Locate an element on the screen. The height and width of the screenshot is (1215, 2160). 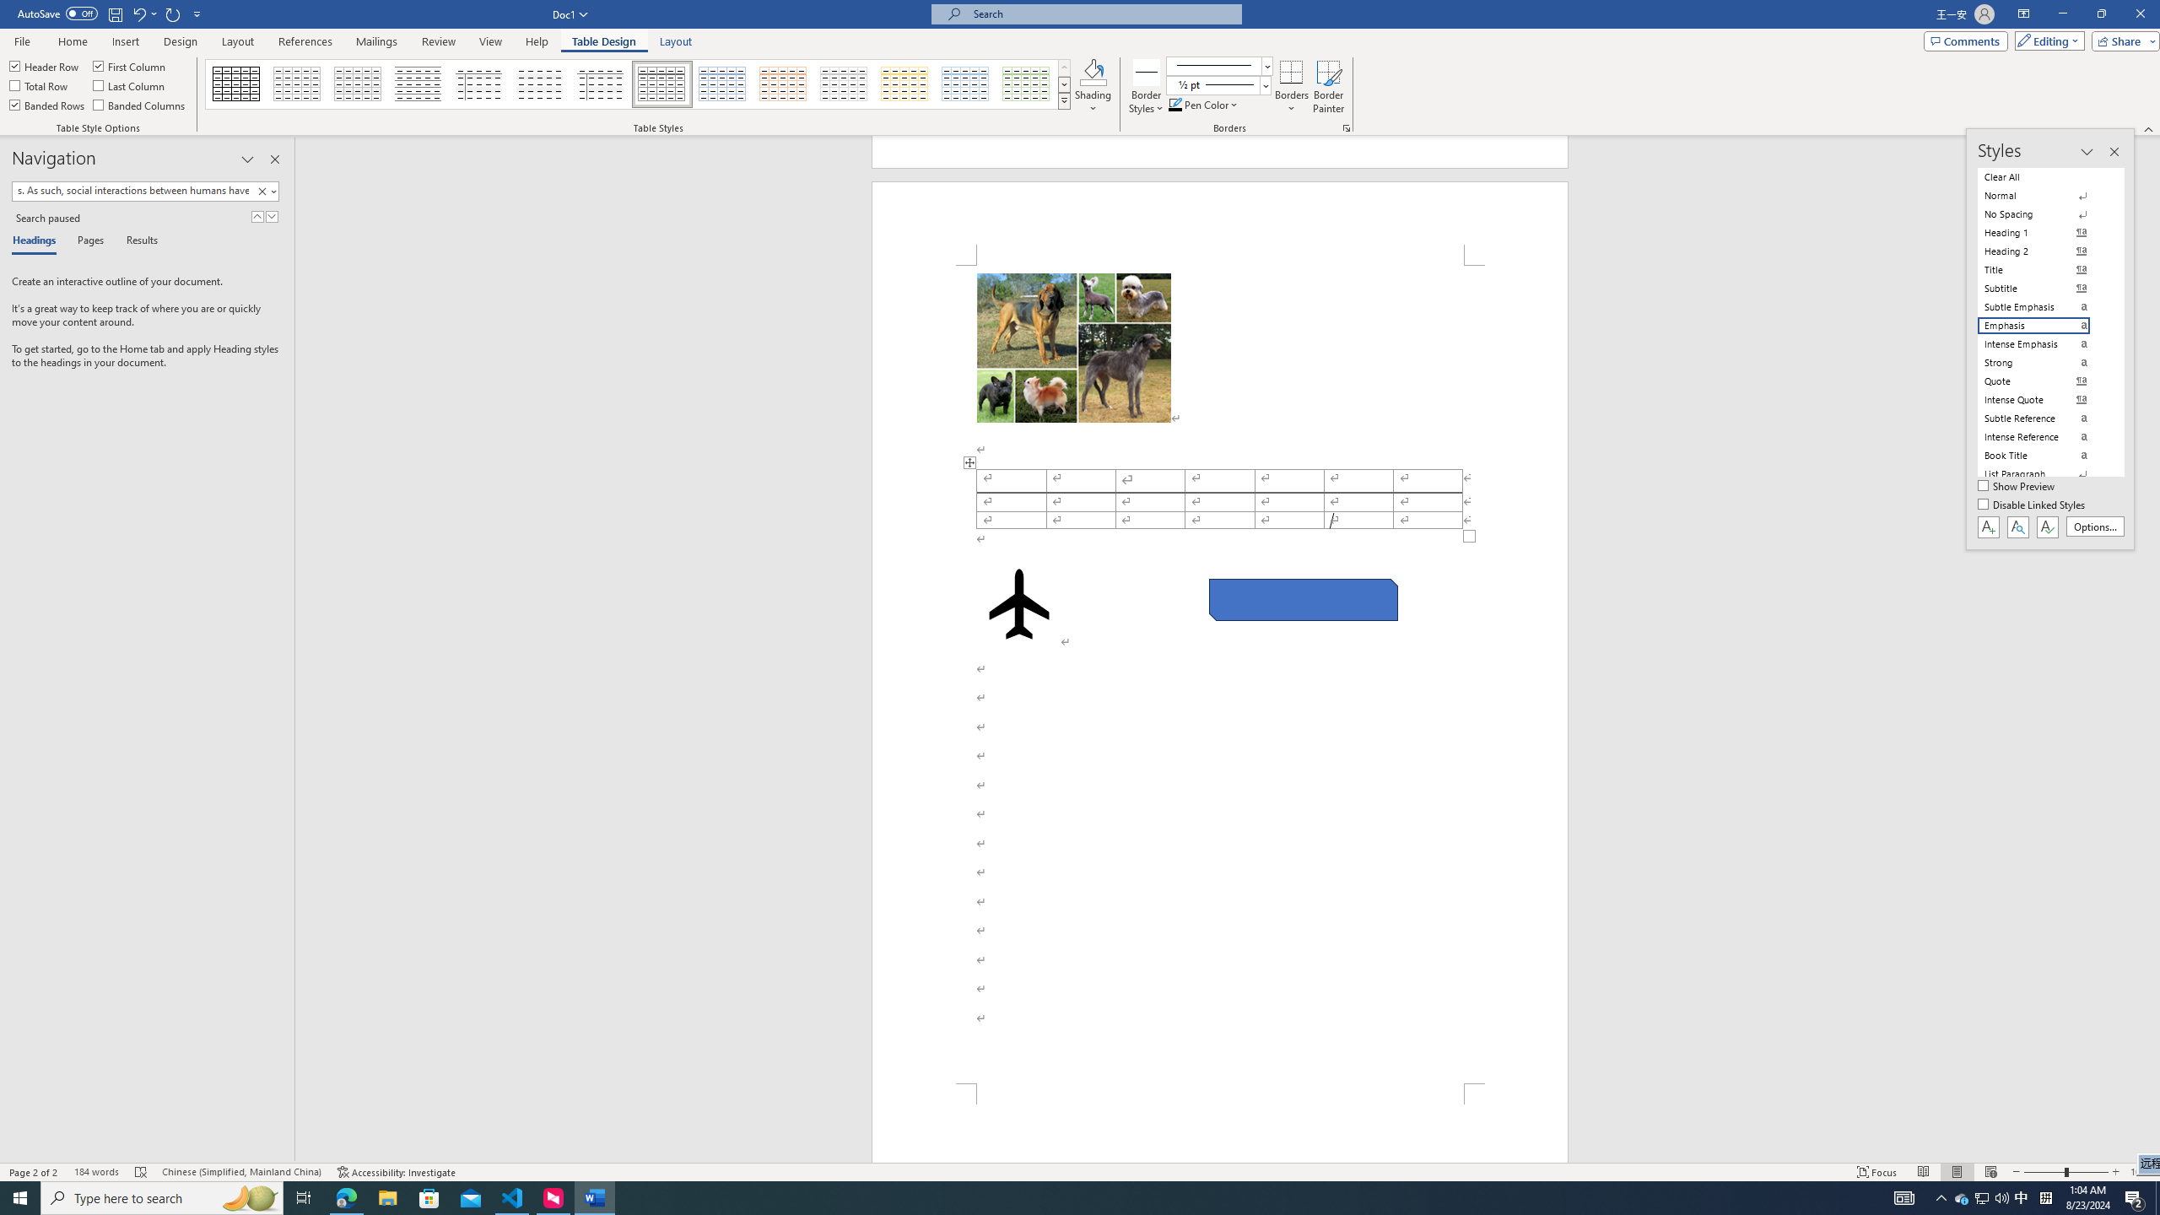
'Page 2 content' is located at coordinates (1220, 673).